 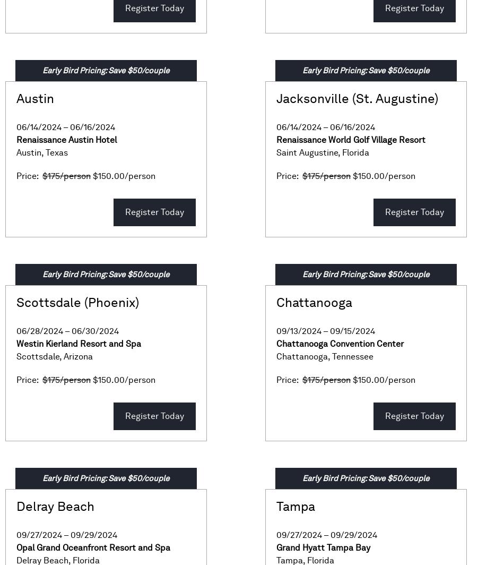 I want to click on 'Delray Beach', so click(x=55, y=506).